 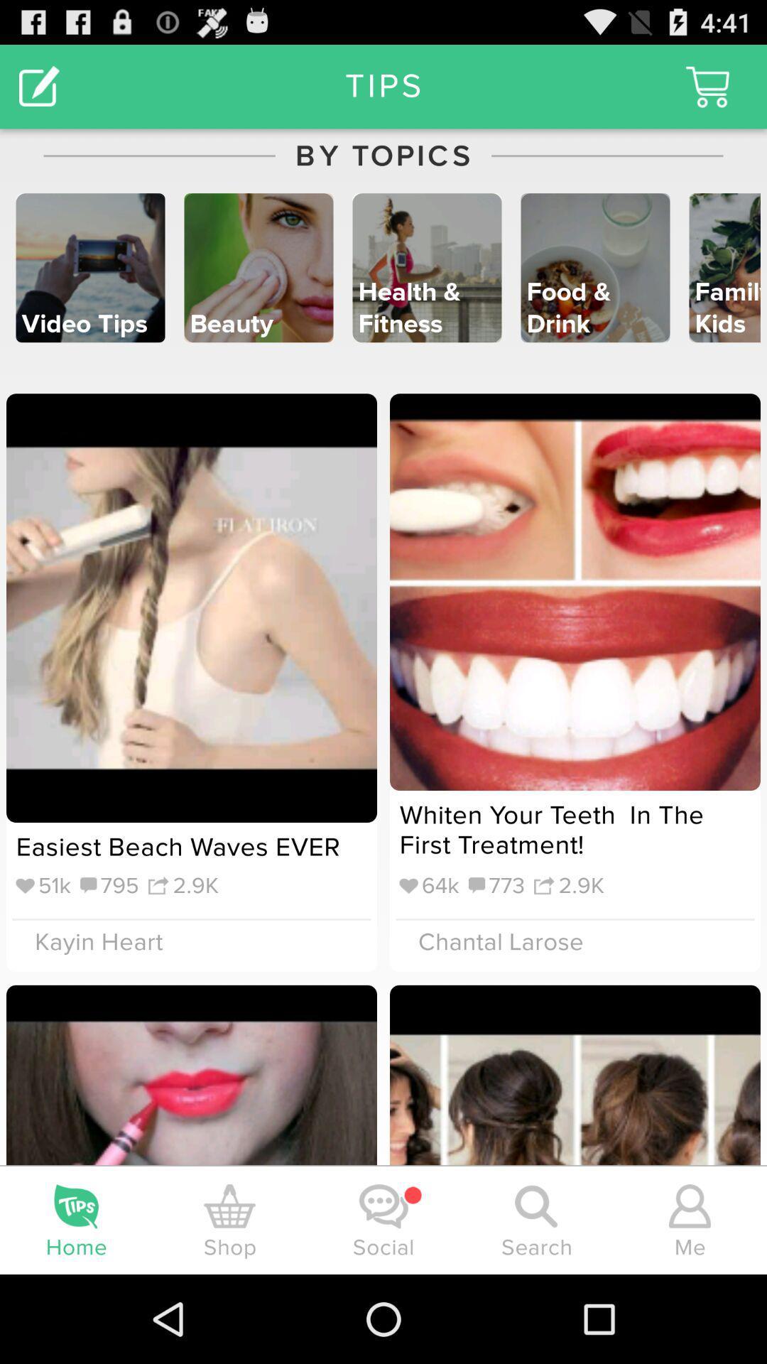 I want to click on the social icon, so click(x=383, y=1206).